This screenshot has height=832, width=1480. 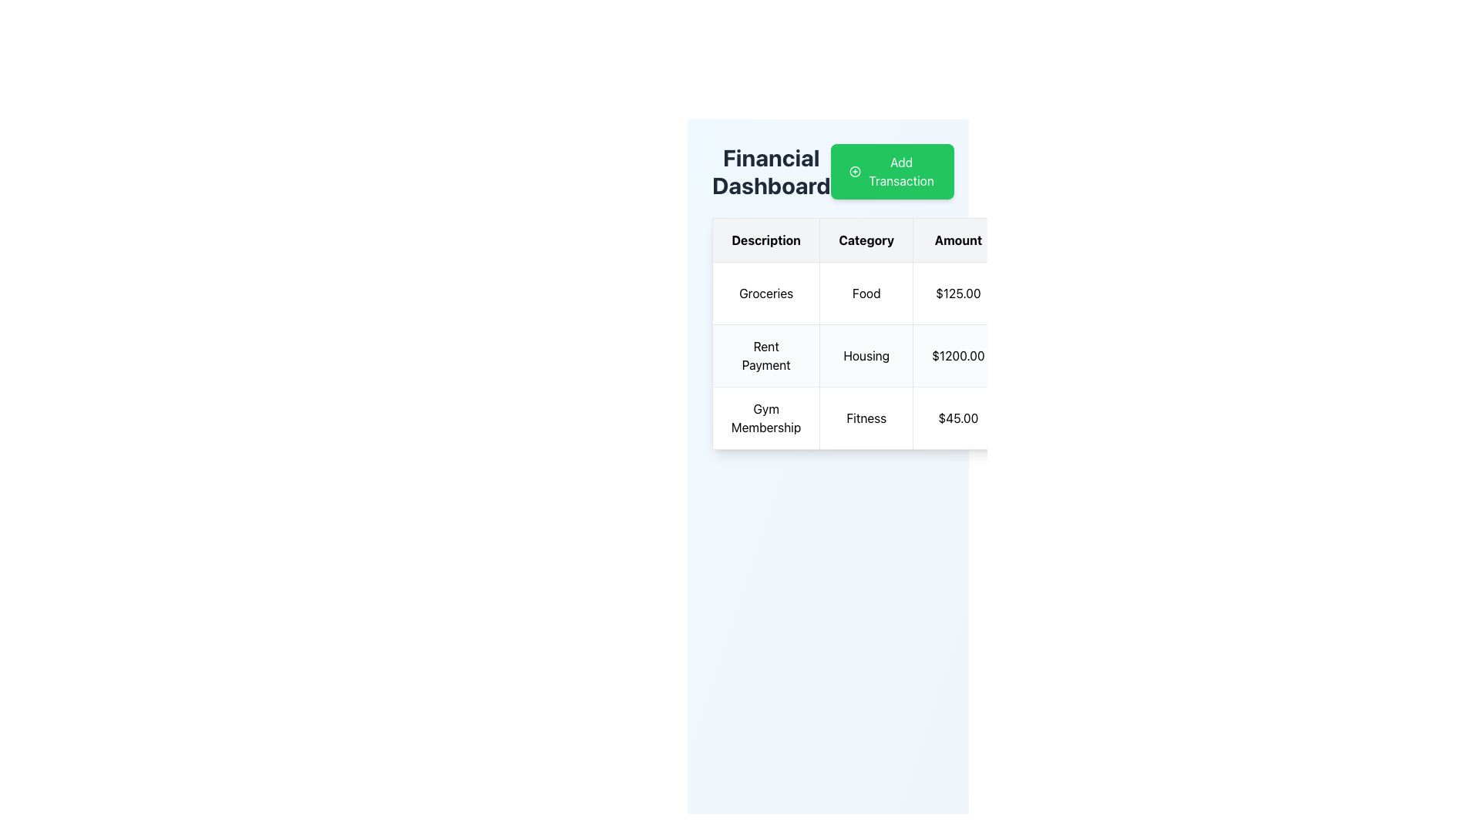 What do you see at coordinates (766, 294) in the screenshot?
I see `the text label displaying 'Groceries', which is the first cell in the first row of a table under the 'Description' column` at bounding box center [766, 294].